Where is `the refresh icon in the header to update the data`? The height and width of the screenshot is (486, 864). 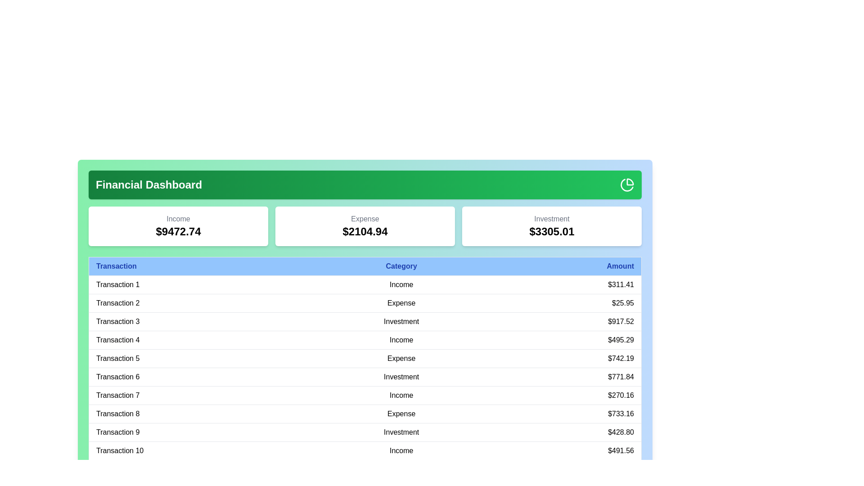 the refresh icon in the header to update the data is located at coordinates (626, 184).